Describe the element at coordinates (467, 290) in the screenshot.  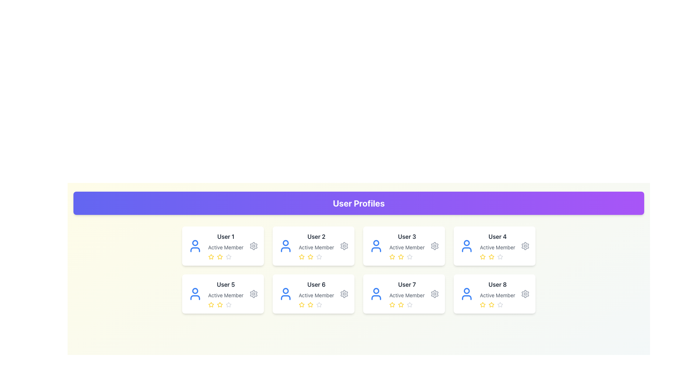
I see `the small circular shape representing the head of 'User 8' within the user profile icon located at the bottom-right corner of the user profiles grid` at that location.